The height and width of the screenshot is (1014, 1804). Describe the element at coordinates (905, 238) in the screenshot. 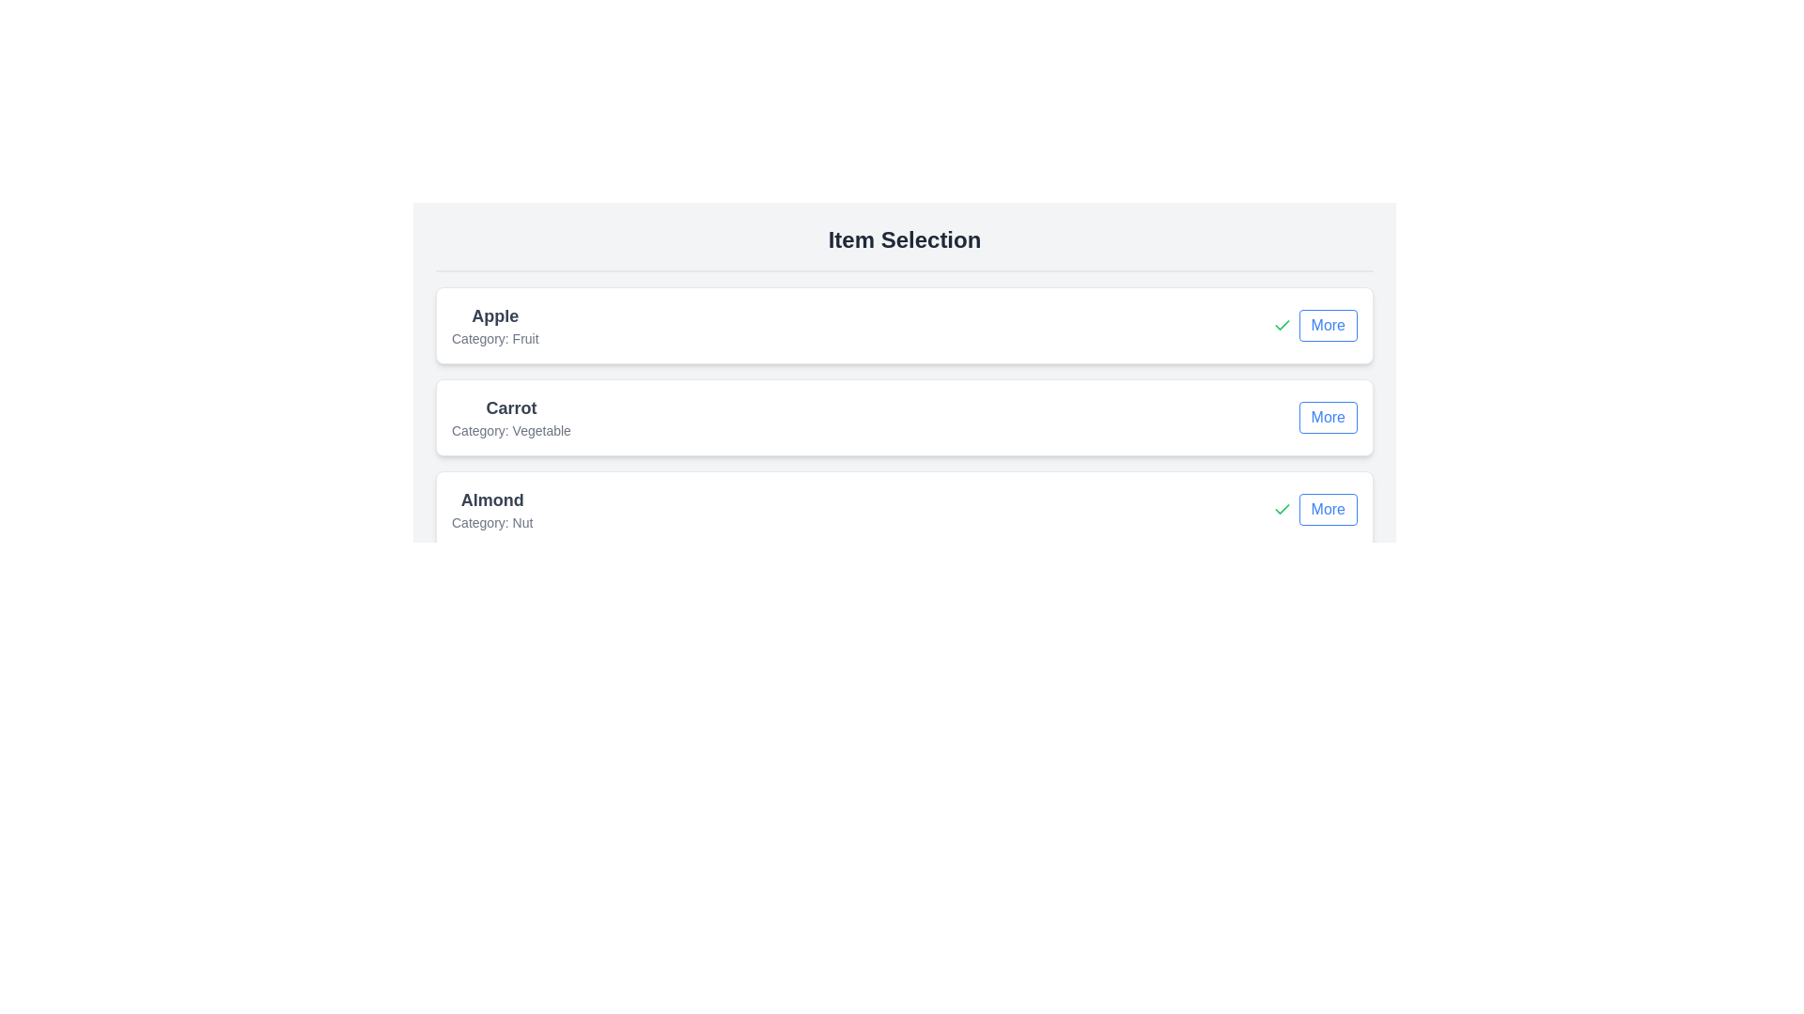

I see `text content of the bold header labeled 'Item Selection' located at the top of the section with a light gray background` at that location.